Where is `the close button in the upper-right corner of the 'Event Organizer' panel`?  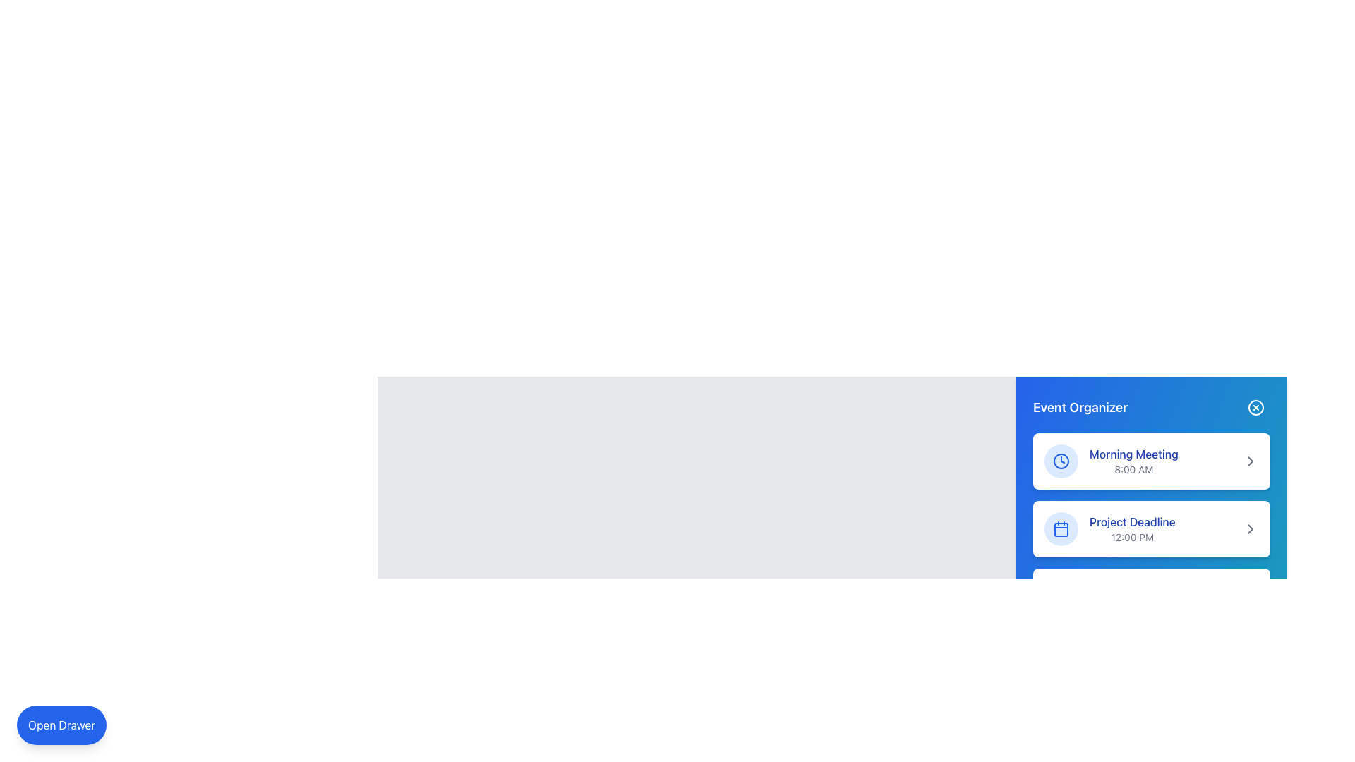
the close button in the upper-right corner of the 'Event Organizer' panel is located at coordinates (1256, 408).